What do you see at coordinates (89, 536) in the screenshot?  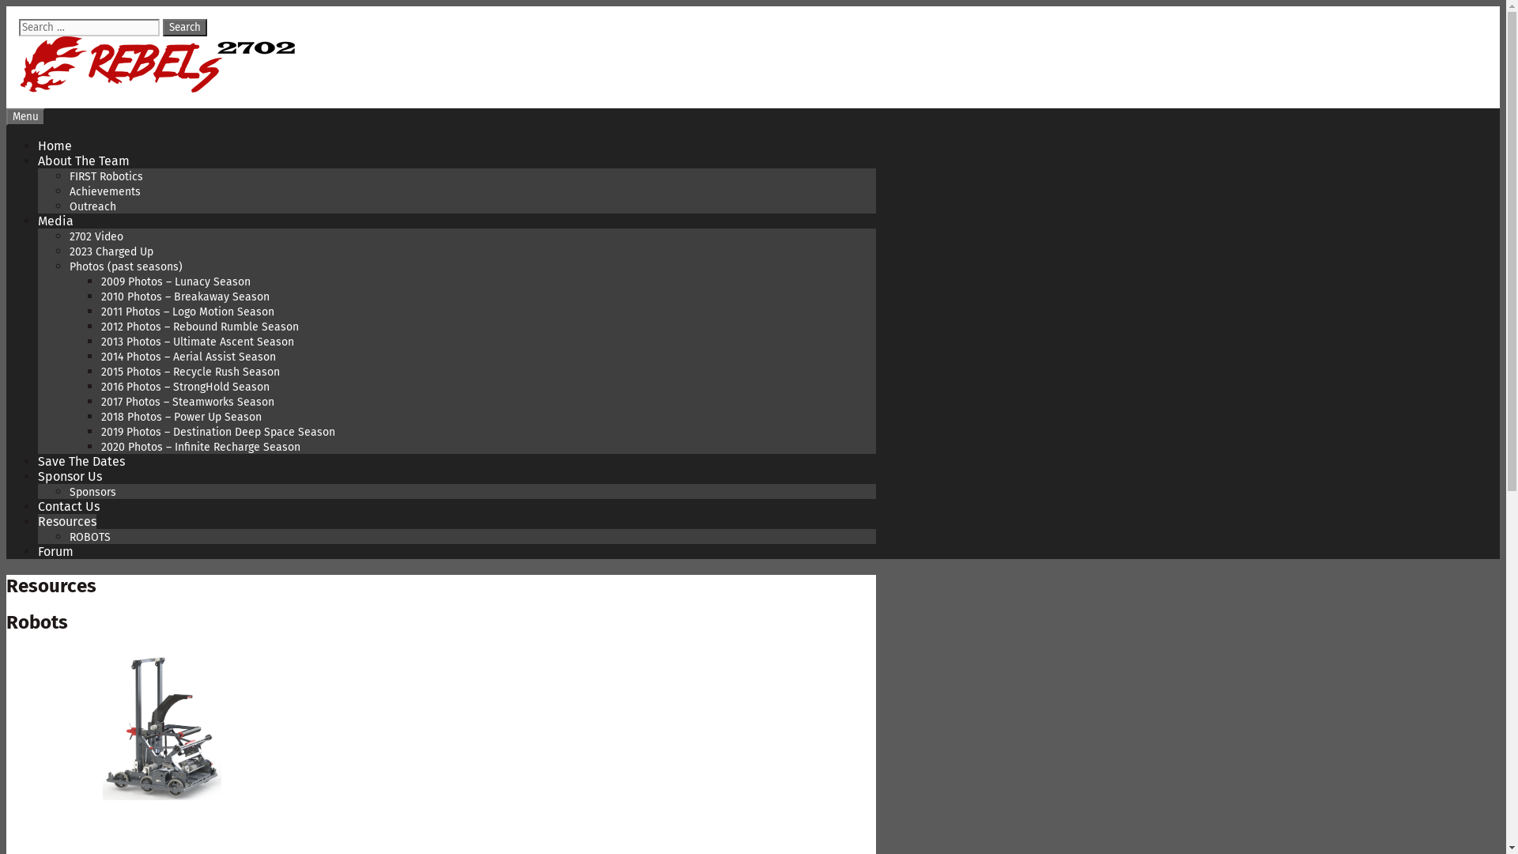 I see `'ROBOTS'` at bounding box center [89, 536].